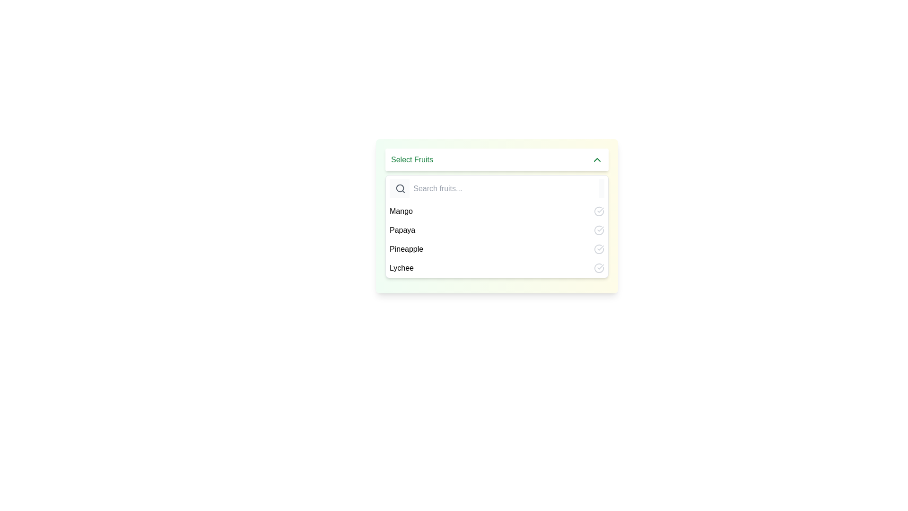 Image resolution: width=908 pixels, height=511 pixels. Describe the element at coordinates (497, 211) in the screenshot. I see `the first selectable list item in the dropdown menu` at that location.